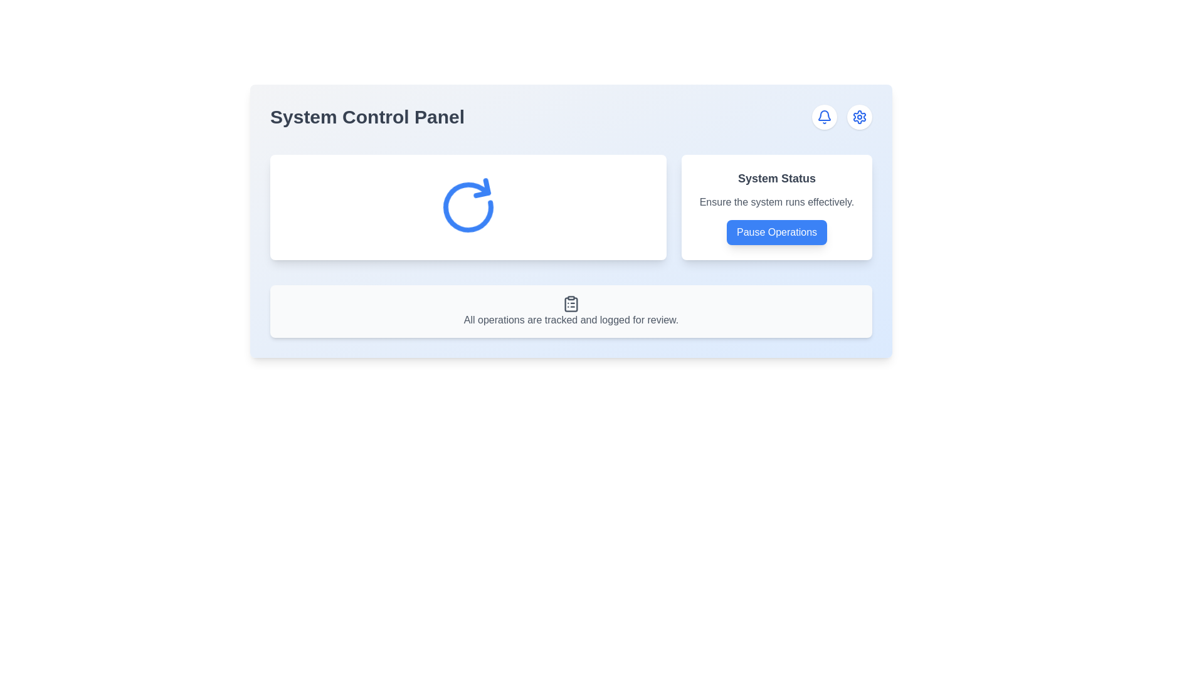 The image size is (1204, 677). Describe the element at coordinates (571, 304) in the screenshot. I see `the operations tracking icon, which is visually represented above the text 'All operations are tracked and logged for review.'` at that location.